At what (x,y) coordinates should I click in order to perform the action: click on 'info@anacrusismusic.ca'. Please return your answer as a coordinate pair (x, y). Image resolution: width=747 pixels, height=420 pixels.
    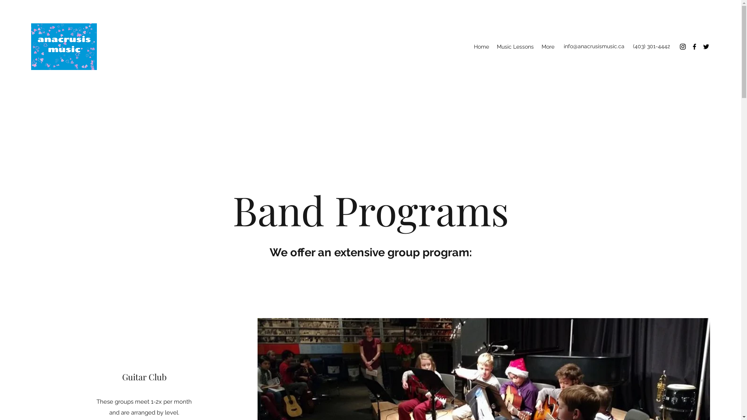
    Looking at the image, I should click on (593, 46).